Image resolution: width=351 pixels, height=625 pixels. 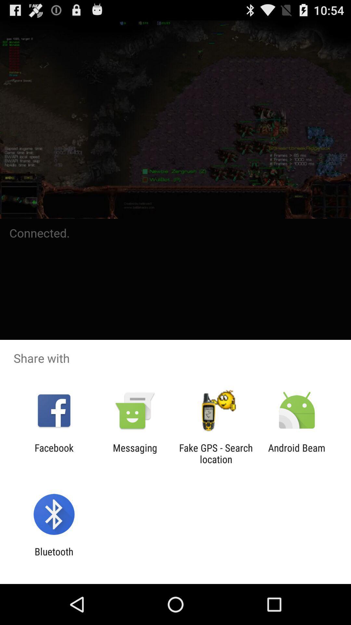 I want to click on the messaging item, so click(x=135, y=453).